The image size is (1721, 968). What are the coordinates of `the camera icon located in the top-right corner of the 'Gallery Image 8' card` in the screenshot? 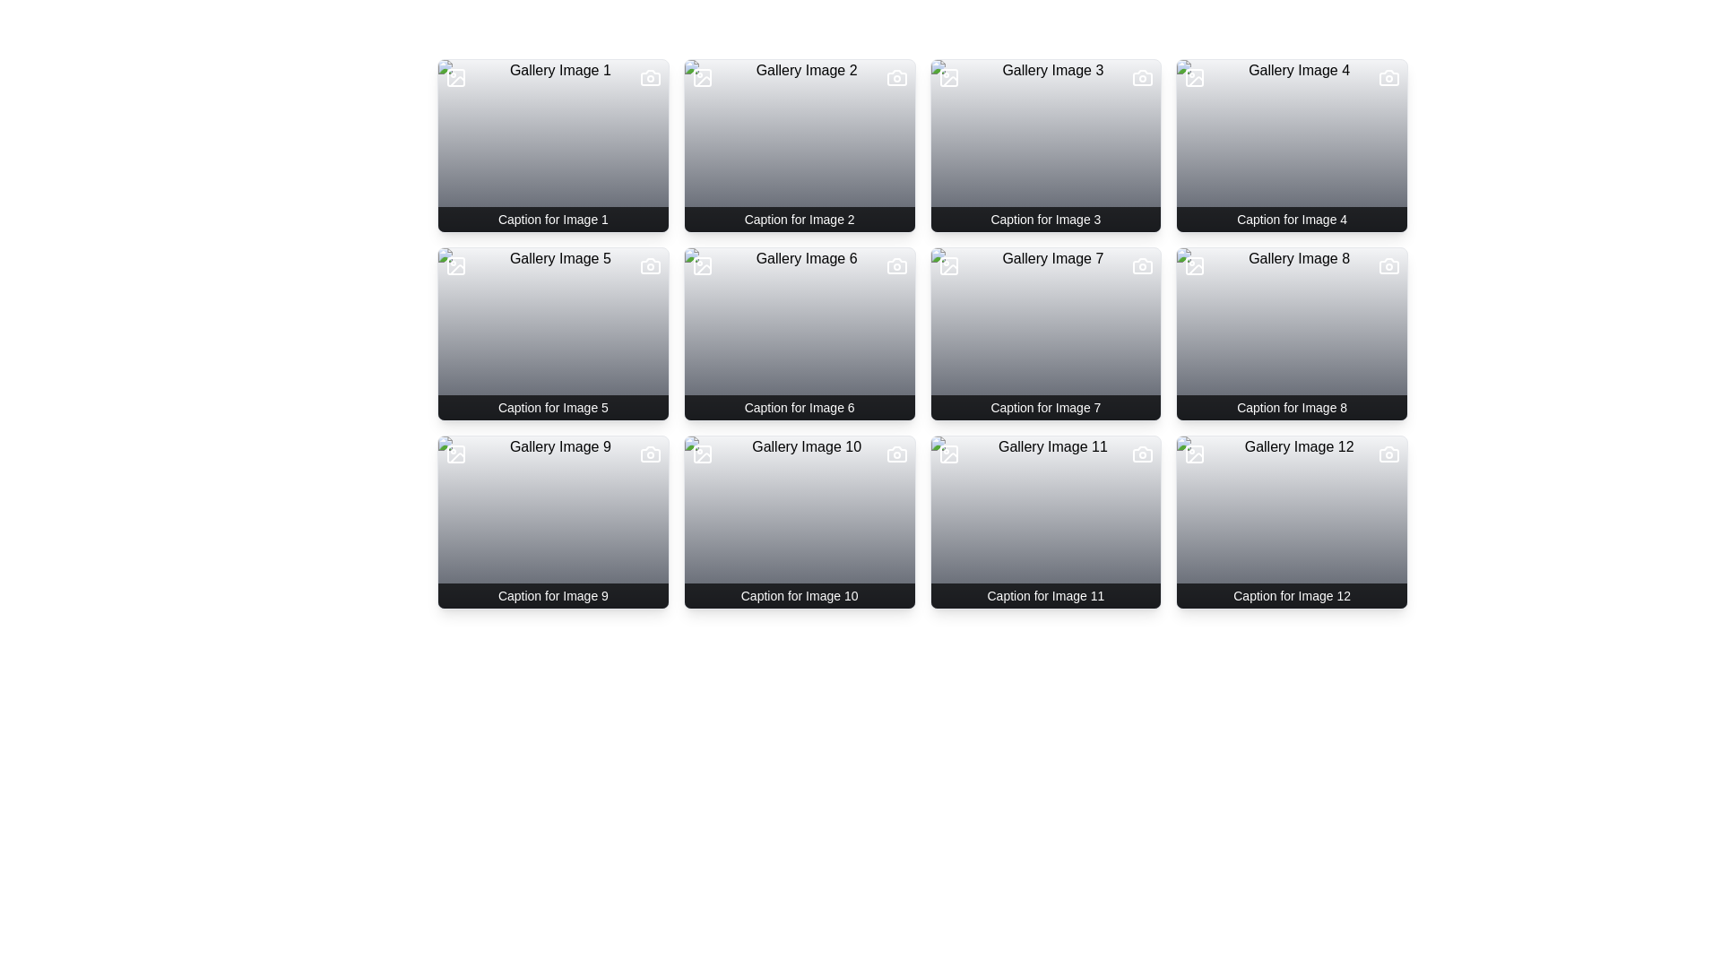 It's located at (1388, 266).